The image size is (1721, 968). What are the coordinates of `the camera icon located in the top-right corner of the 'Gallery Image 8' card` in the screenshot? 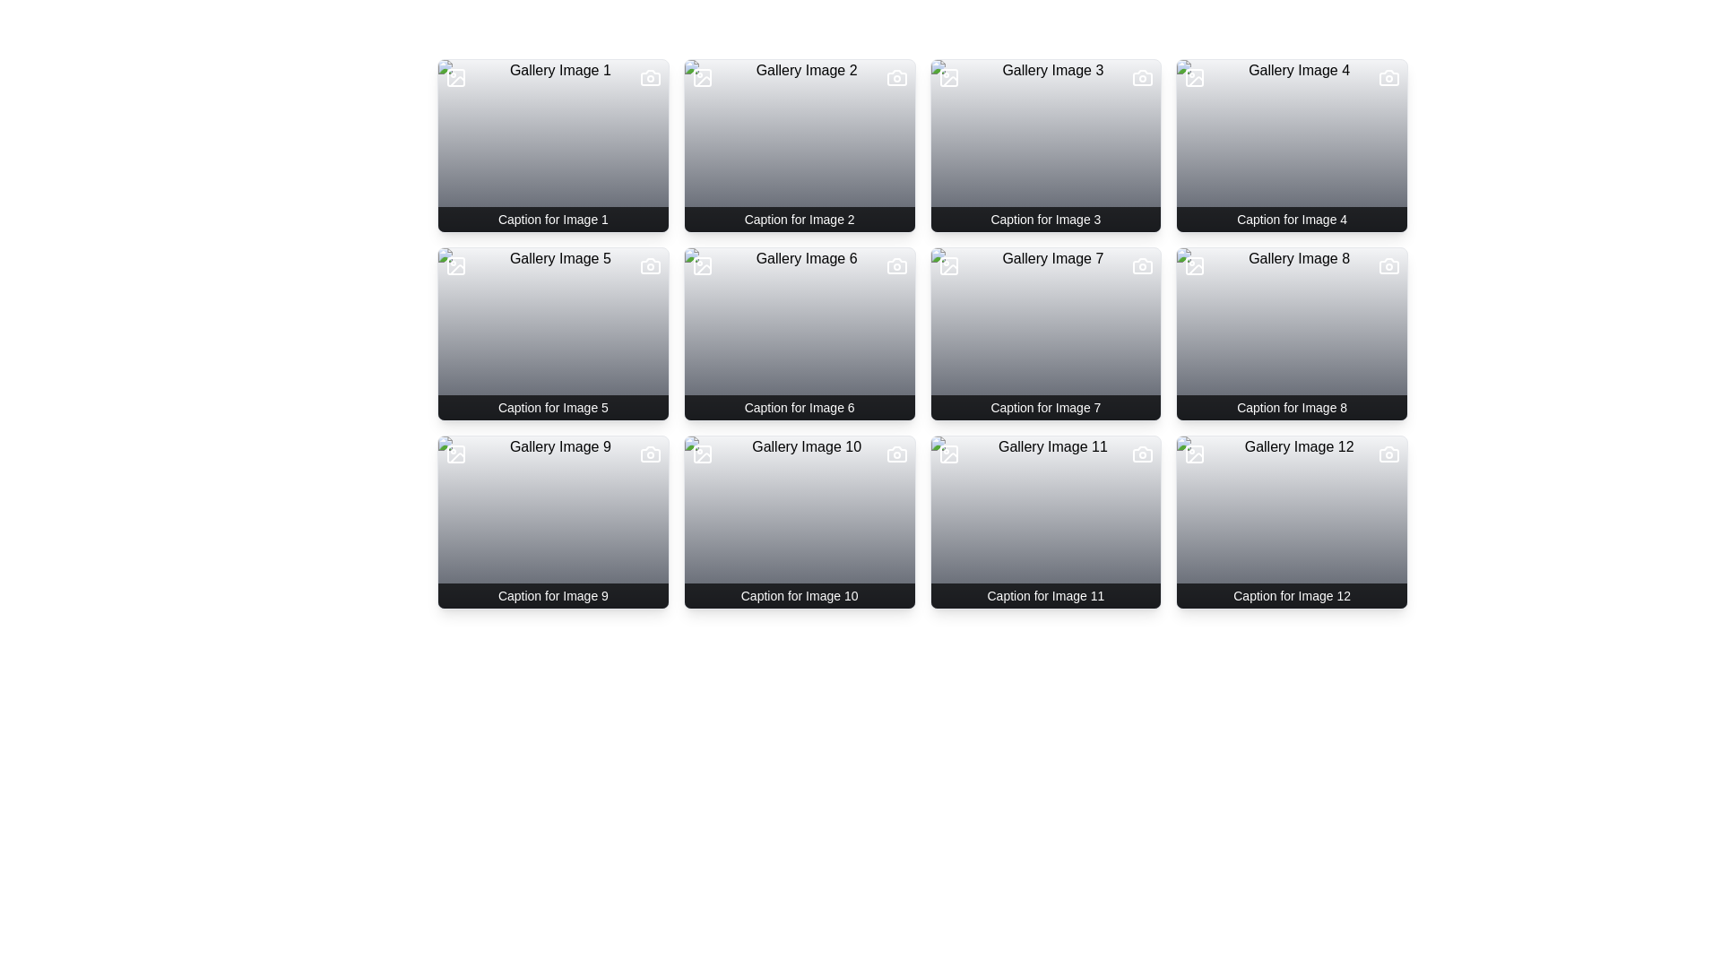 It's located at (1388, 266).